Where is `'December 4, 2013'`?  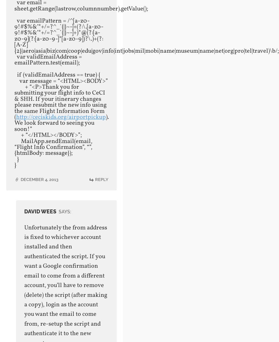
'December 4, 2013' is located at coordinates (39, 179).